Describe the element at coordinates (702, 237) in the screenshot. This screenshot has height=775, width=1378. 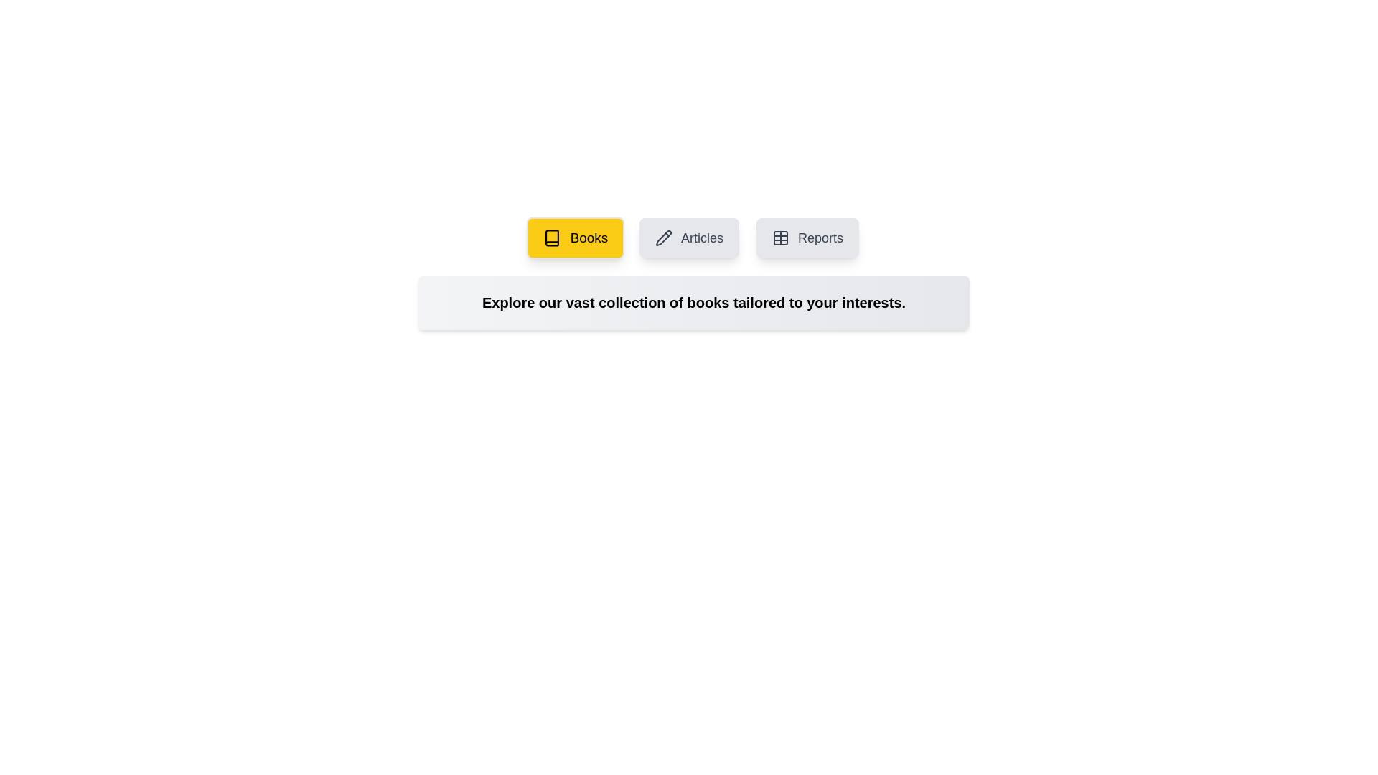
I see `text label that describes the button's purpose for navigating to or activating the 'Articles' feature, located in the center button of the top row` at that location.